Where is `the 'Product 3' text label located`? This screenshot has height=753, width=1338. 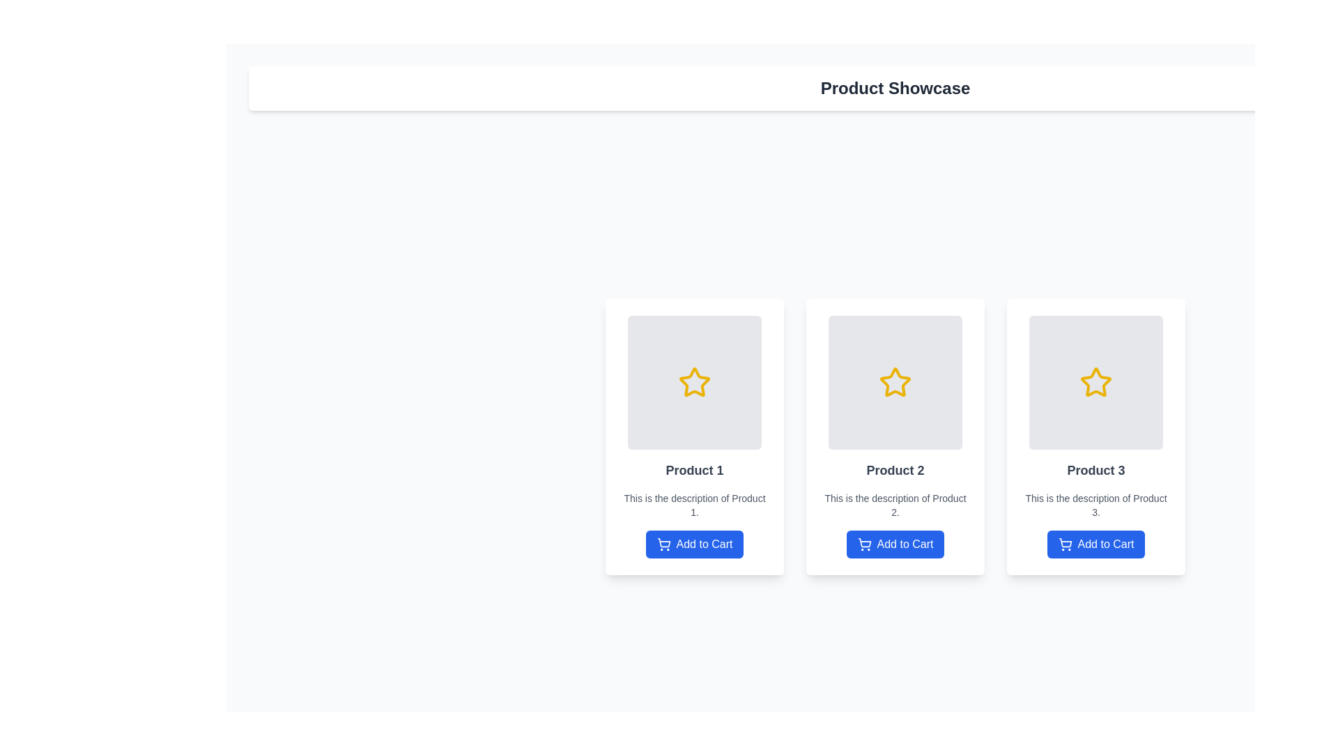 the 'Product 3' text label located is located at coordinates (1095, 471).